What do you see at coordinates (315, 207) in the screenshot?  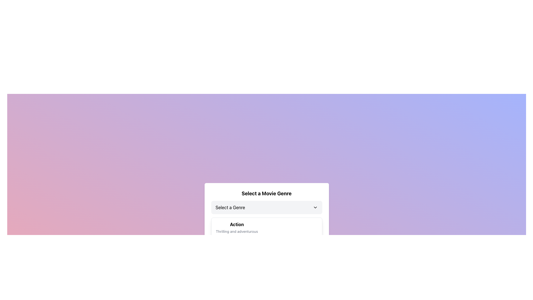 I see `the downwards-pointing chevron icon with a thin black outline, located to the right of the 'Select a Genre' label` at bounding box center [315, 207].